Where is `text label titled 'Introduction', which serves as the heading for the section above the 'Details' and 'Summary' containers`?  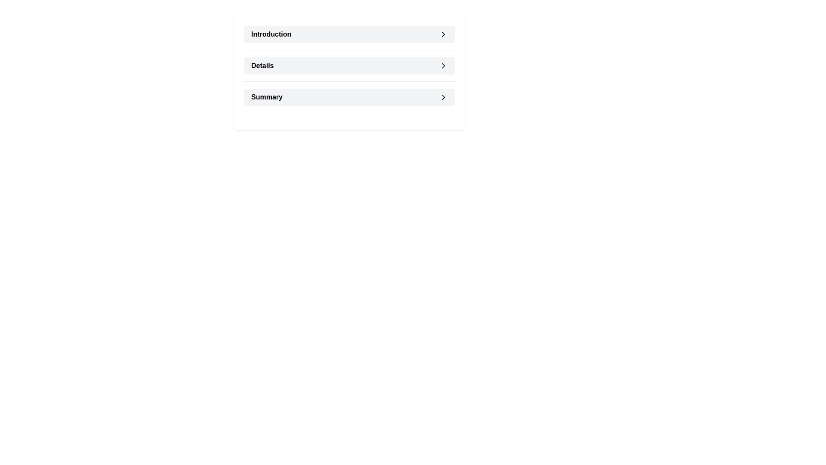 text label titled 'Introduction', which serves as the heading for the section above the 'Details' and 'Summary' containers is located at coordinates (271, 34).